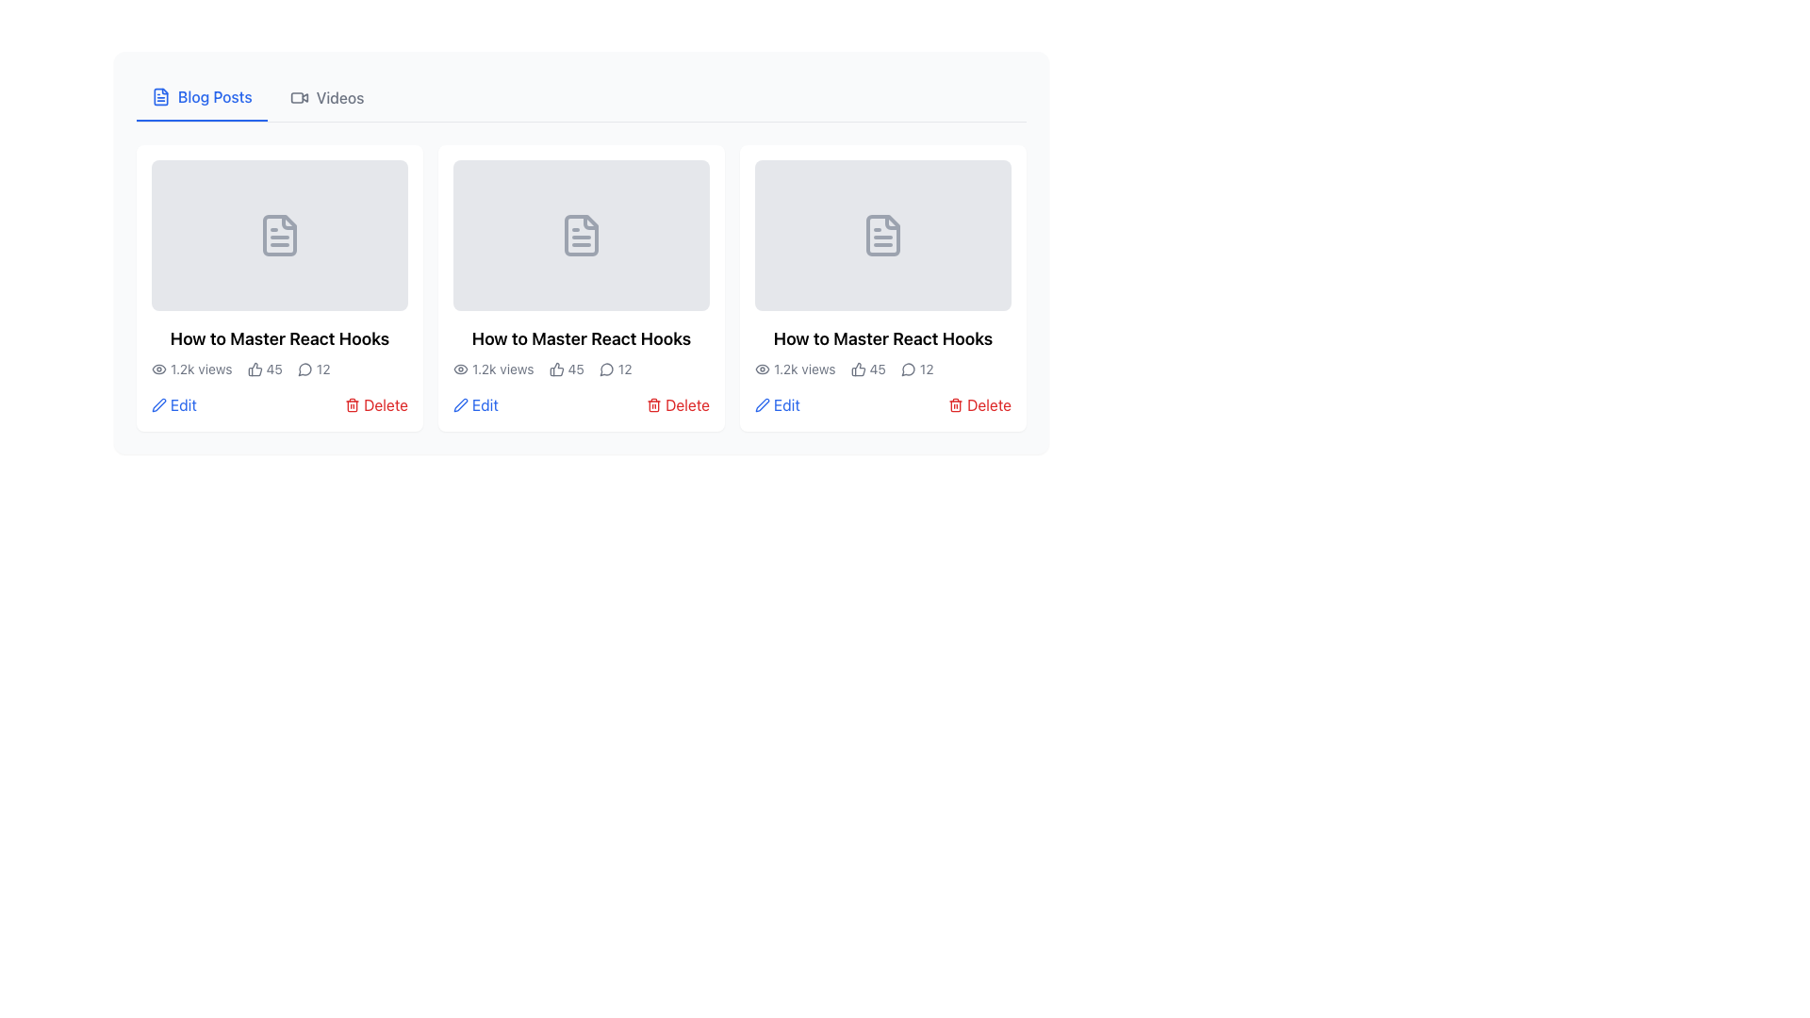  I want to click on the interactive deletion button located at the bottom-right of the last card, so click(979, 403).